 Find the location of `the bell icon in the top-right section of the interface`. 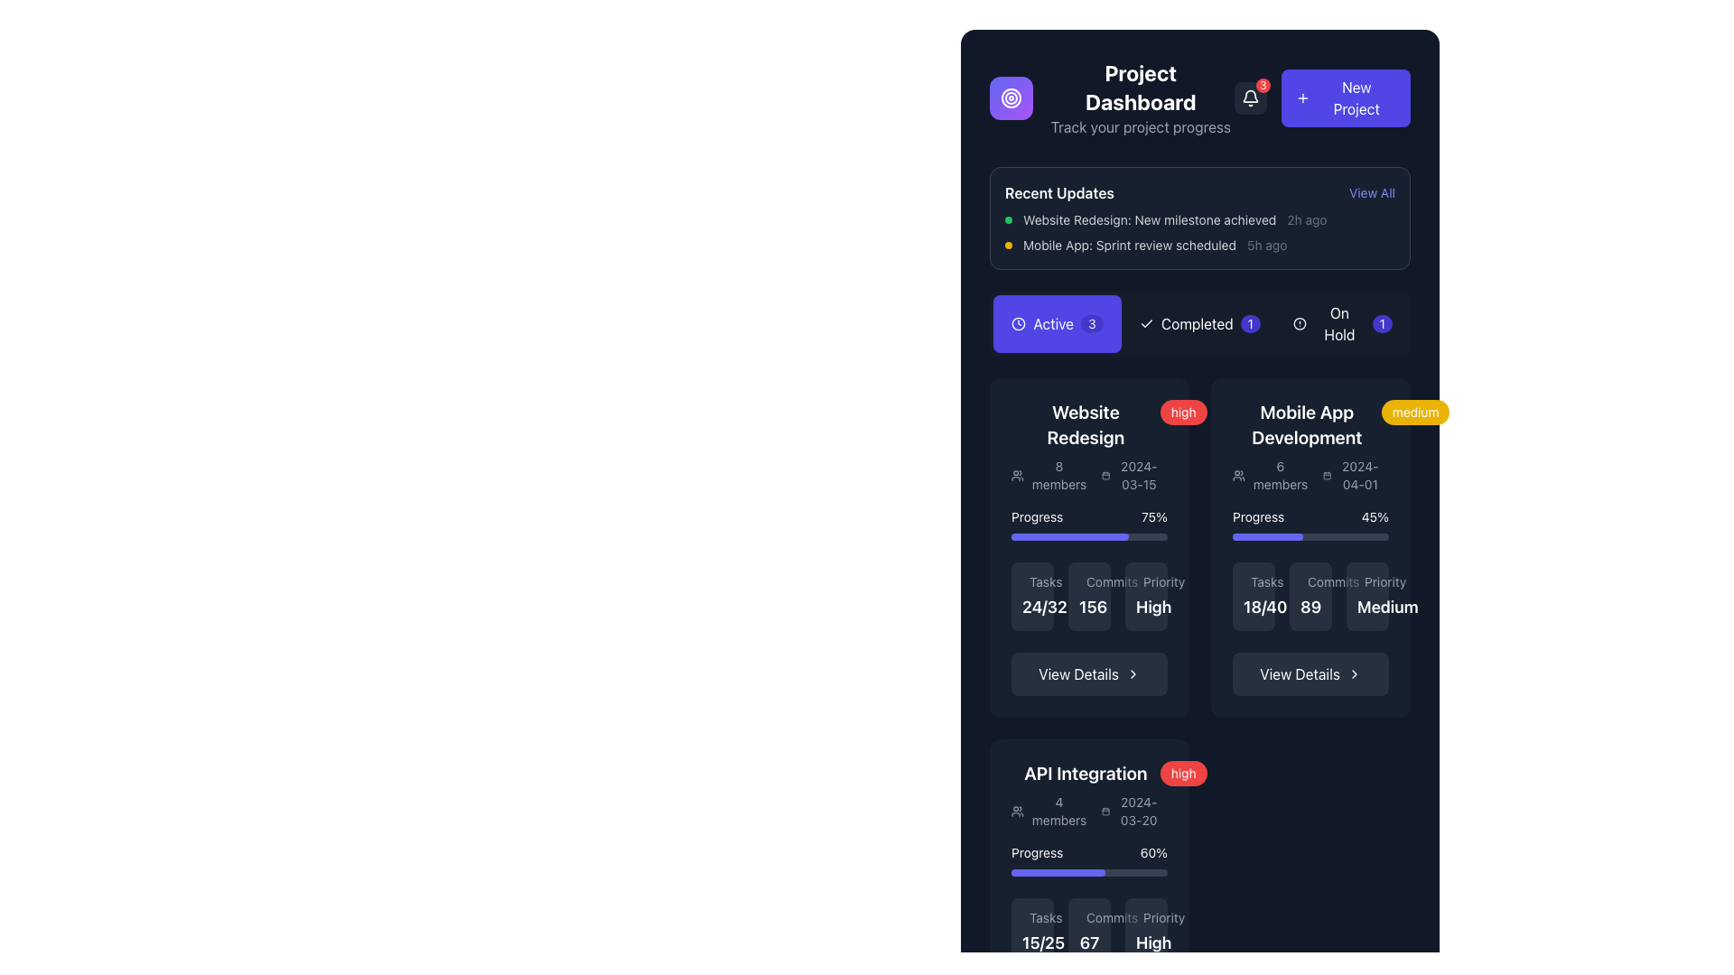

the bell icon in the top-right section of the interface is located at coordinates (1249, 97).